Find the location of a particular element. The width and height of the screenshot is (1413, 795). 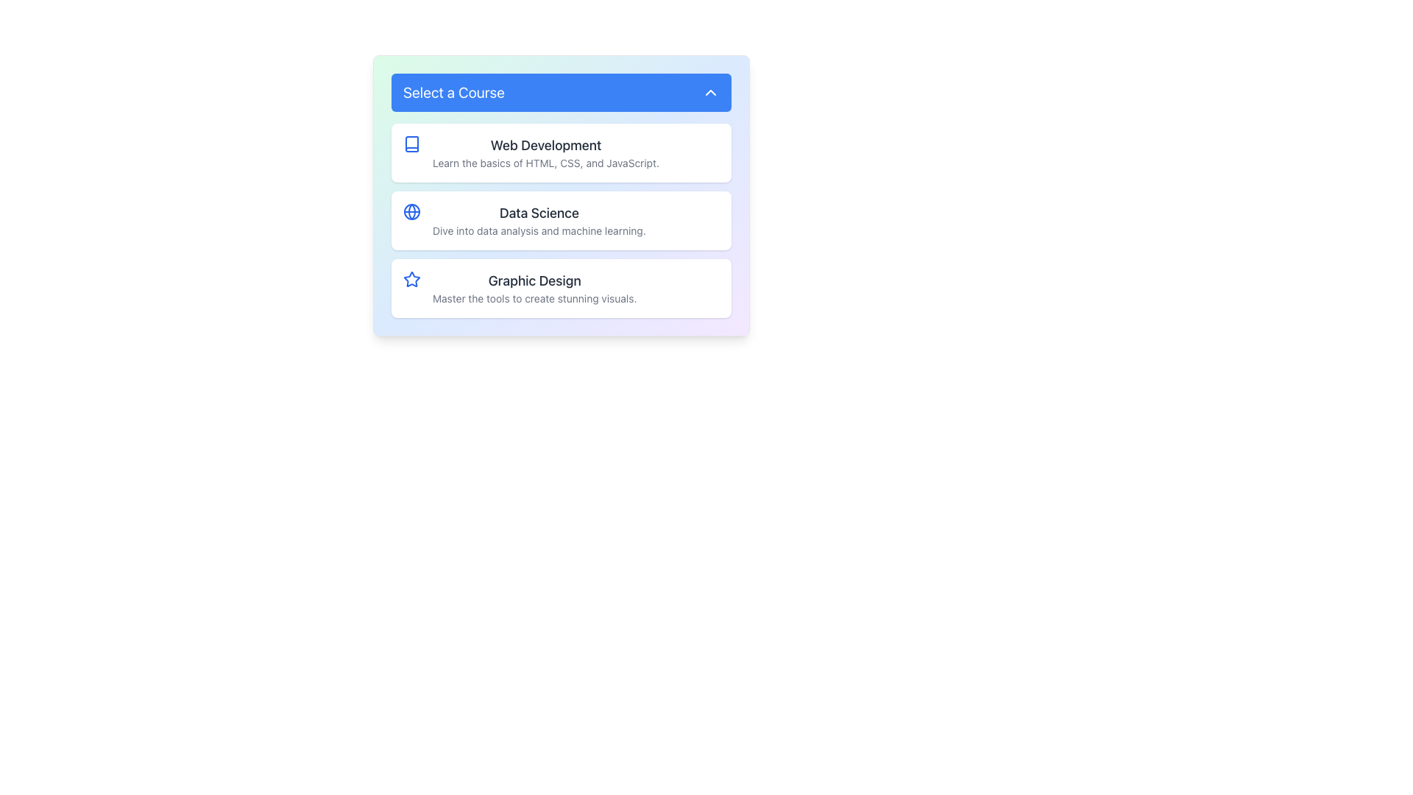

the second item in the selectable list titled 'Data Science' is located at coordinates (561, 195).